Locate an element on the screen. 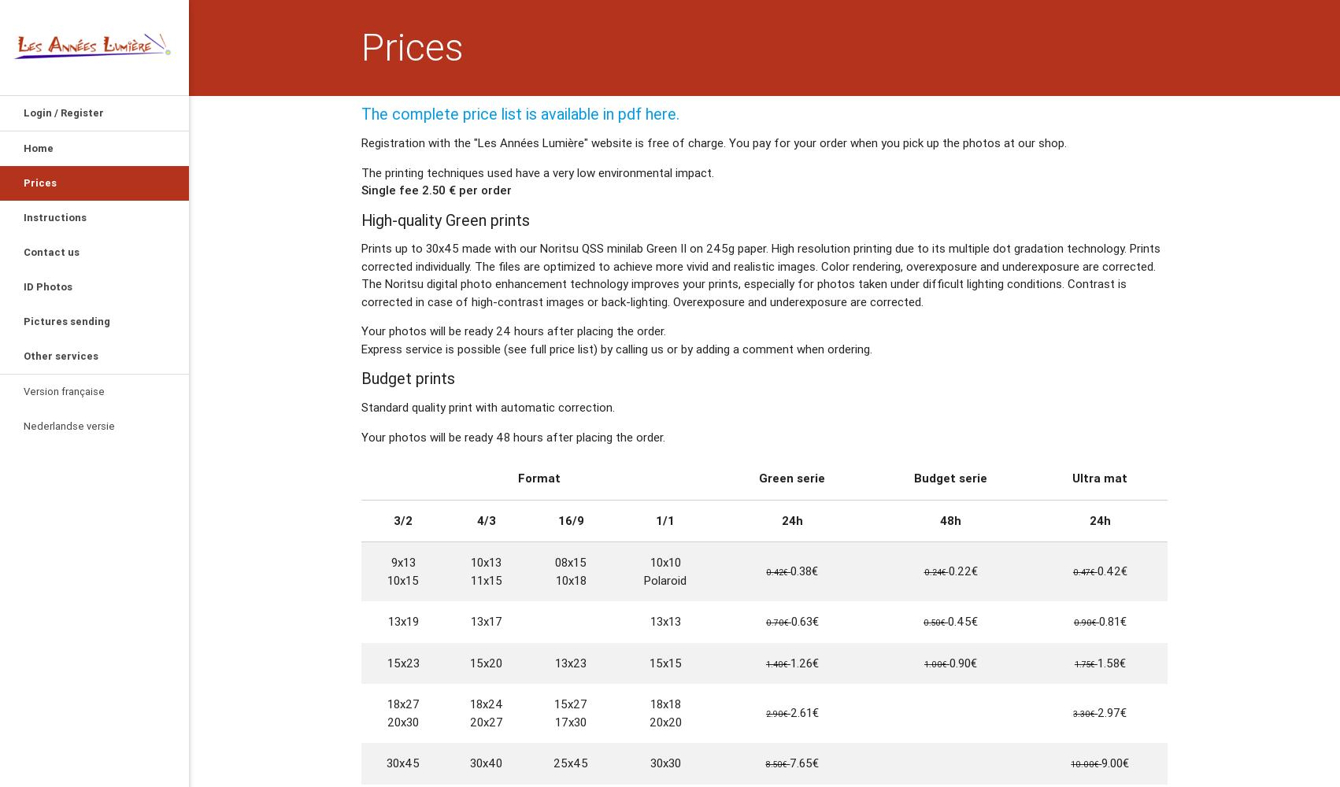  'Budget serie' is located at coordinates (950, 477).